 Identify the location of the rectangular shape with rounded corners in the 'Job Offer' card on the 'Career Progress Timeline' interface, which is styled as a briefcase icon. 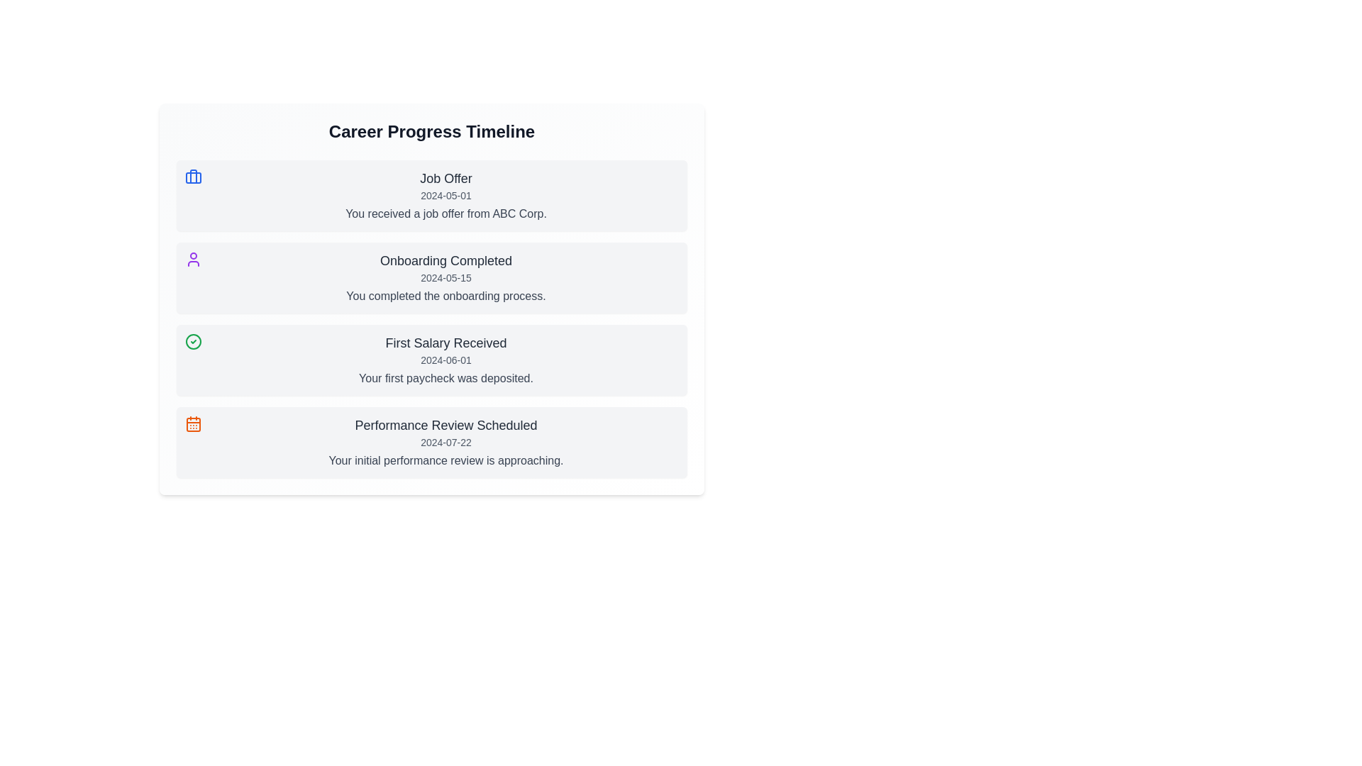
(193, 177).